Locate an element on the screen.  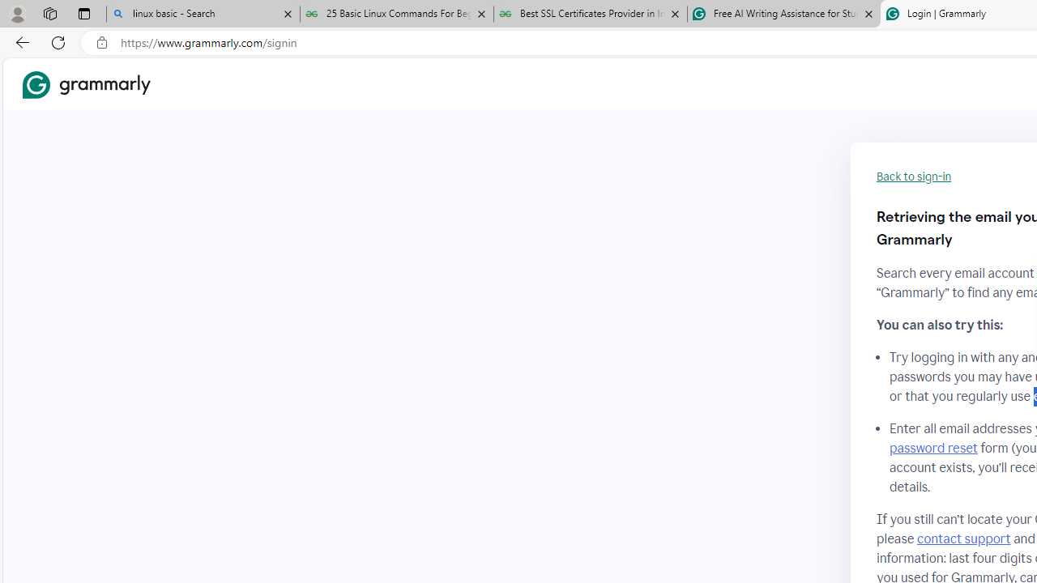
'contact support' is located at coordinates (963, 538).